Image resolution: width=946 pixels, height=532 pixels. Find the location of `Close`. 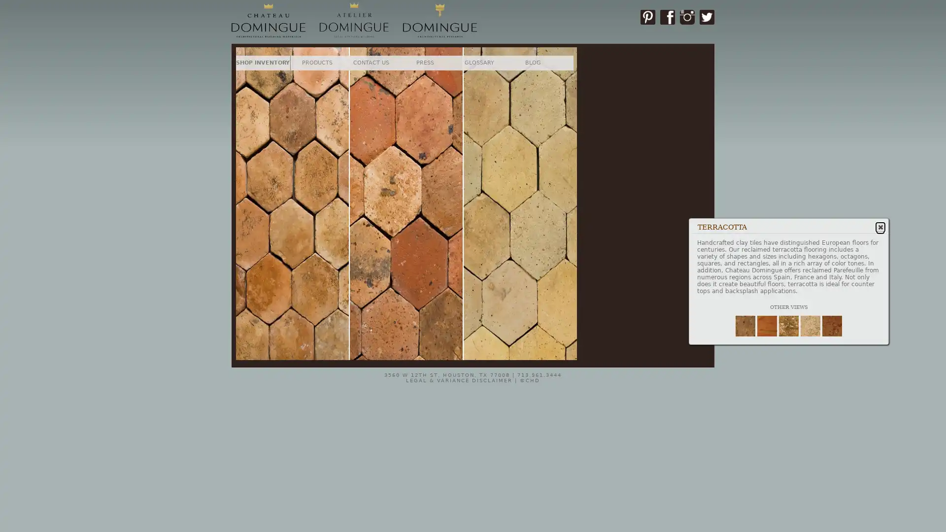

Close is located at coordinates (879, 226).